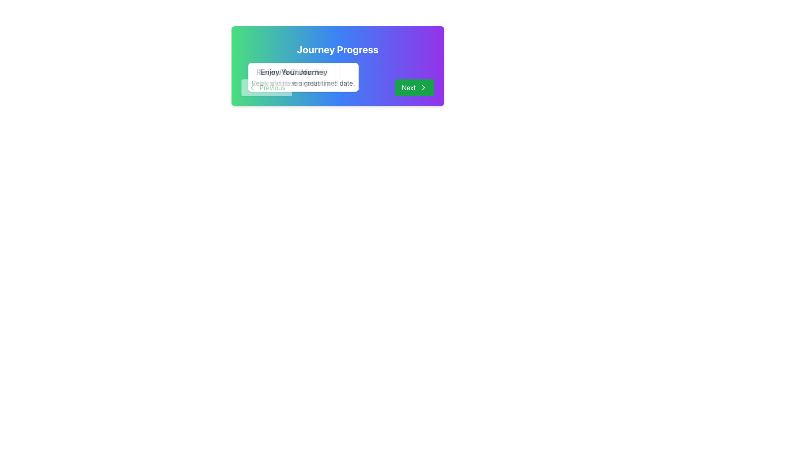  Describe the element at coordinates (251, 88) in the screenshot. I see `the navigational arrow icon located on the left side of the interface, which allows users to go back or navigate to a previous step or page` at that location.